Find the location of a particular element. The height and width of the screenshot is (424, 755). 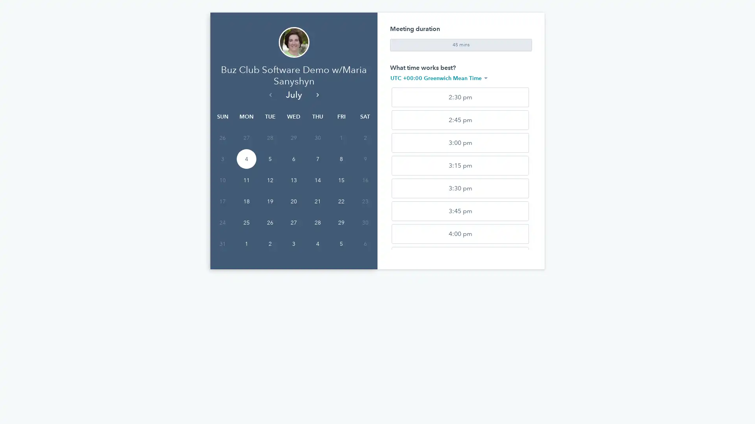

August 1st is located at coordinates (245, 273).